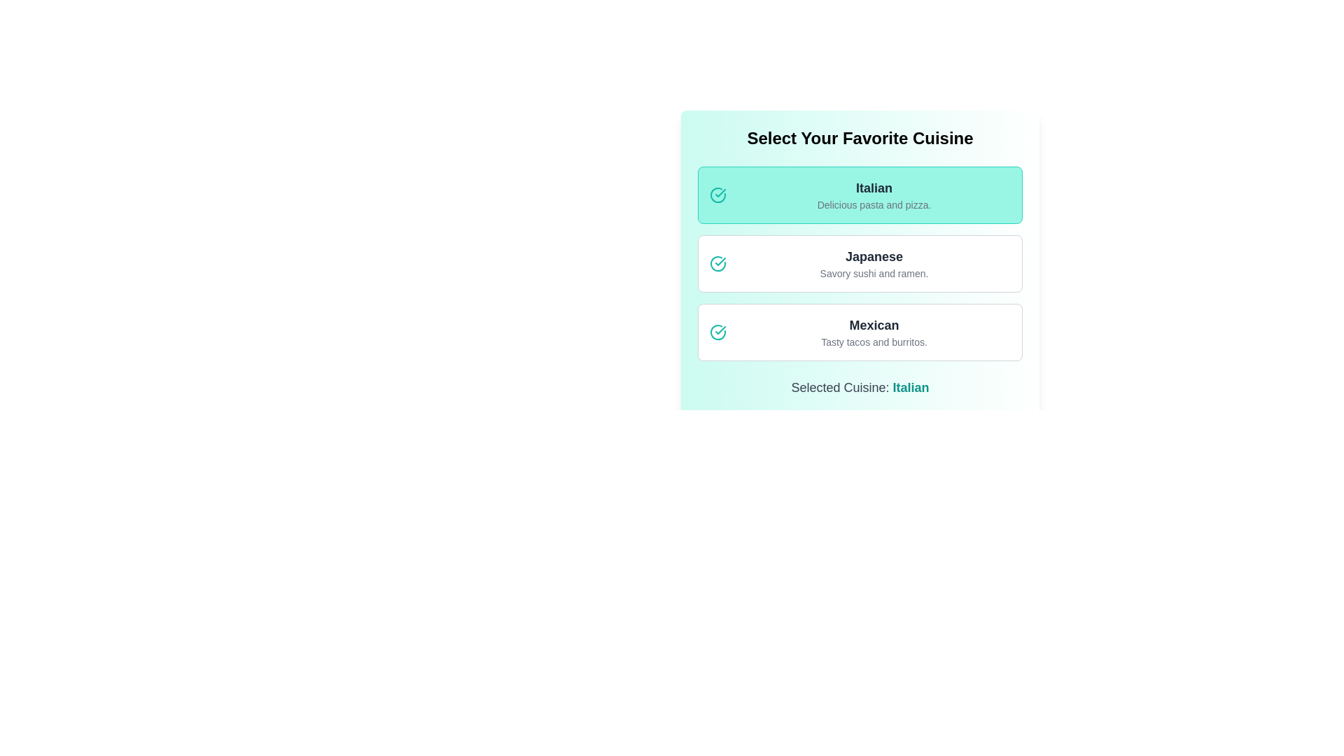 Image resolution: width=1344 pixels, height=756 pixels. I want to click on the first selectable list item with a teal background and a checkmark icon, so click(859, 195).